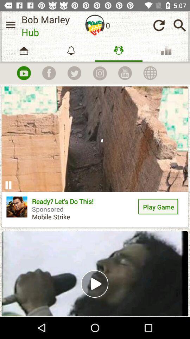 The height and width of the screenshot is (339, 190). Describe the element at coordinates (150, 73) in the screenshot. I see `world wide web` at that location.